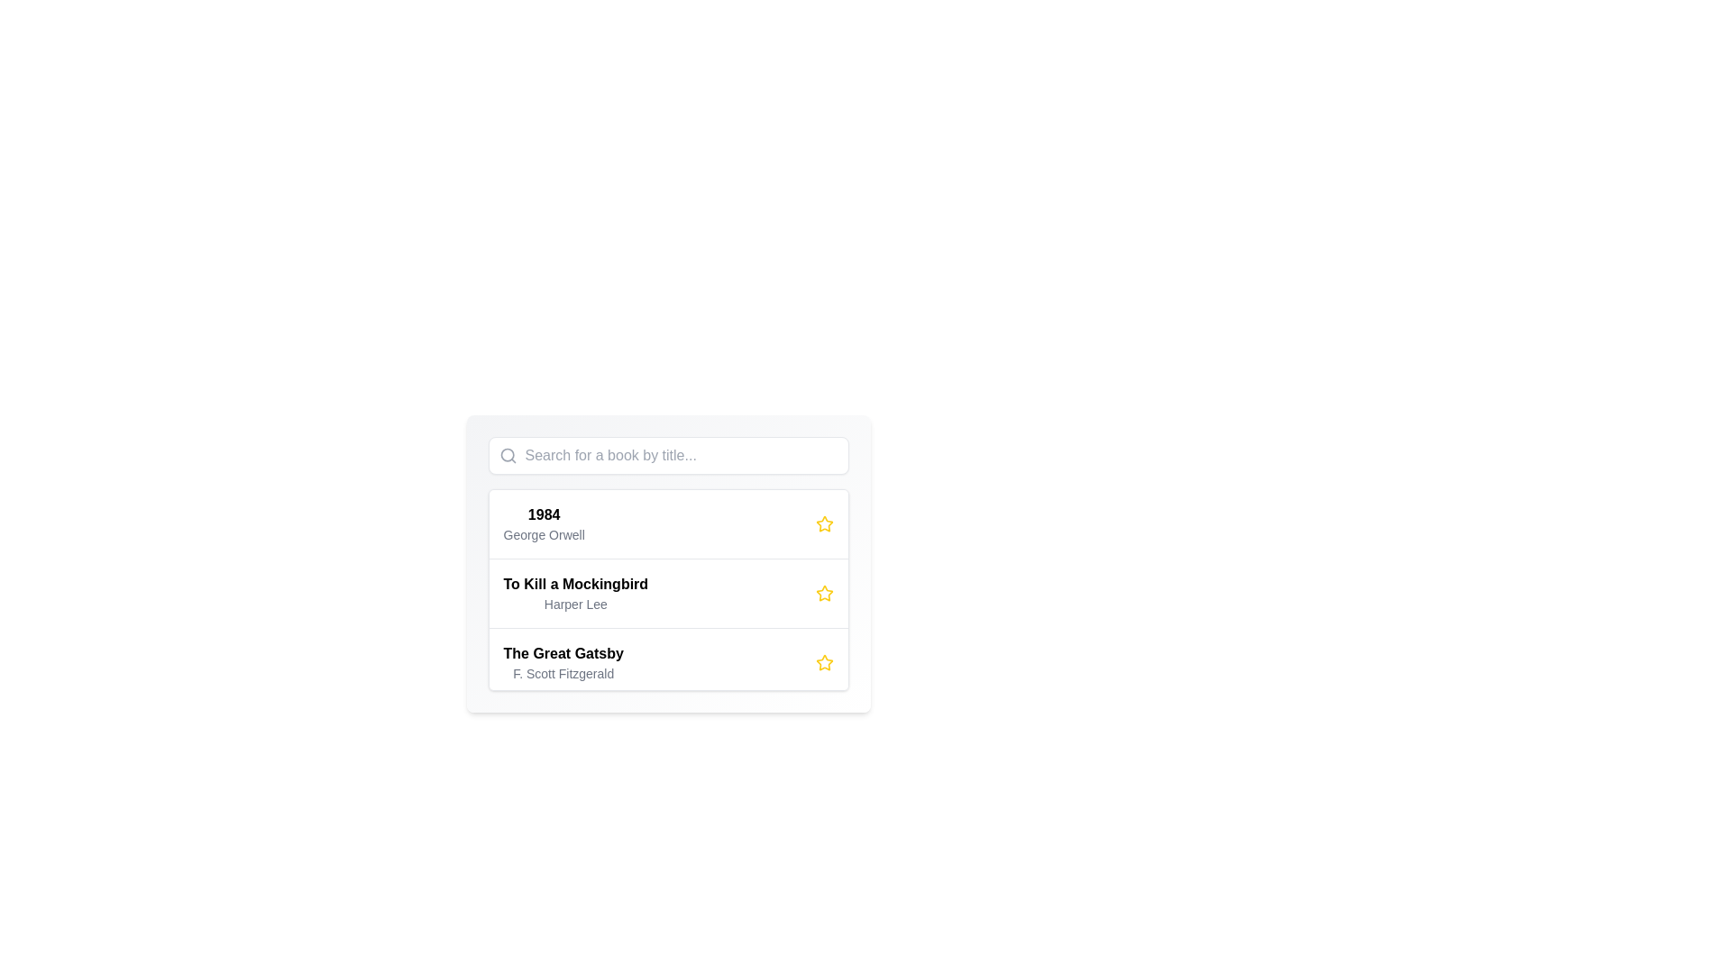  What do you see at coordinates (823, 593) in the screenshot?
I see `the star icon used to mark 'To Kill a Mockingbird' as a favorite` at bounding box center [823, 593].